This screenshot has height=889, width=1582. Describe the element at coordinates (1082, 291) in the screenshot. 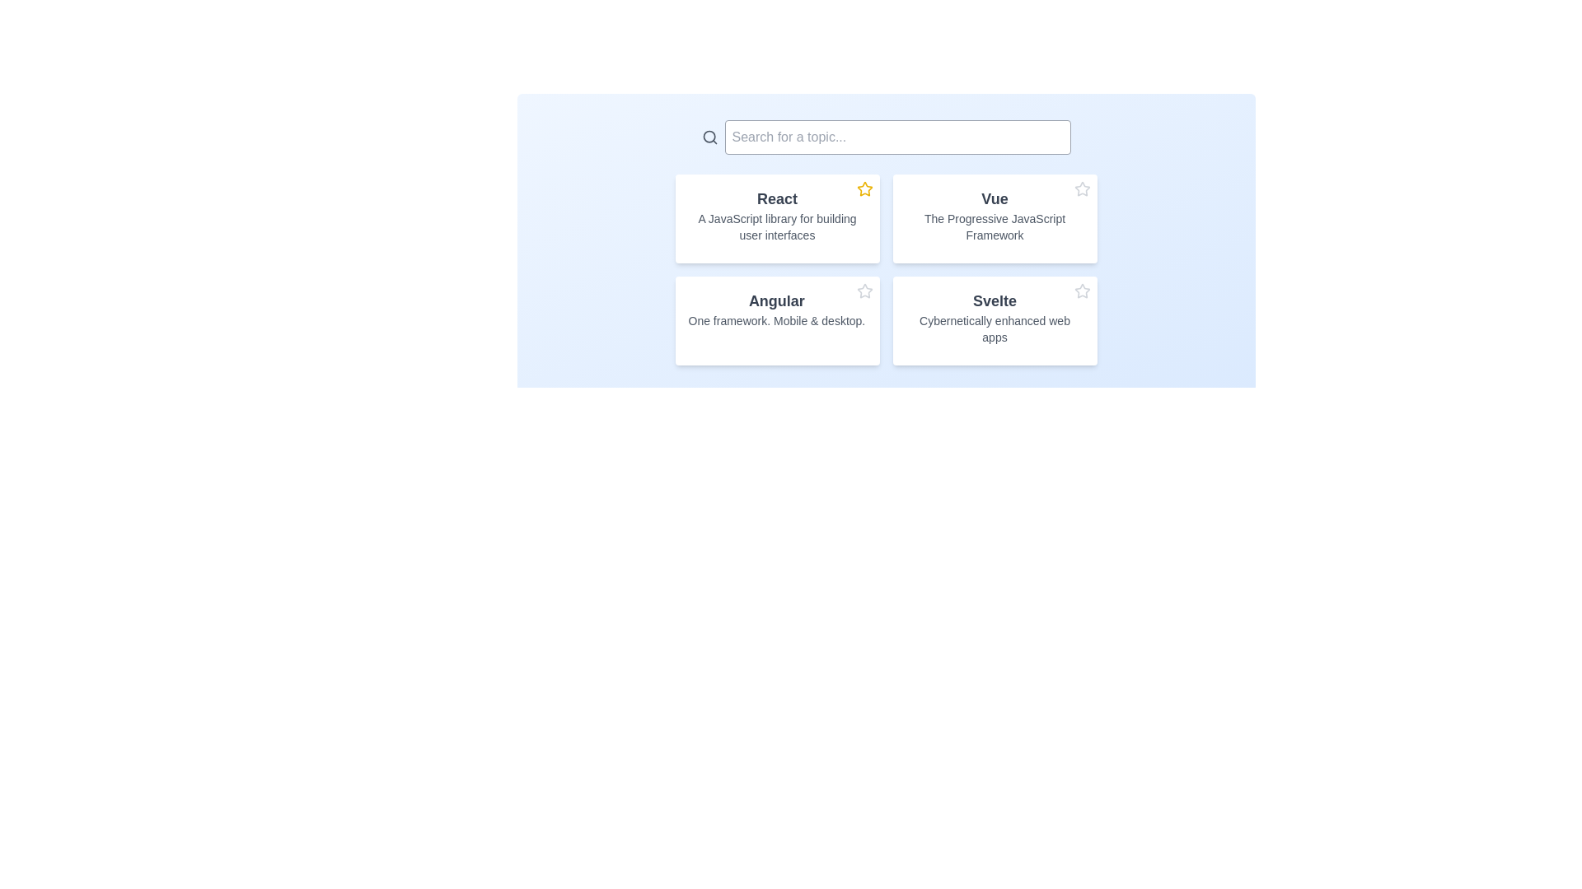

I see `the star icon located at the top right corner of the card titled 'Svelte'` at that location.